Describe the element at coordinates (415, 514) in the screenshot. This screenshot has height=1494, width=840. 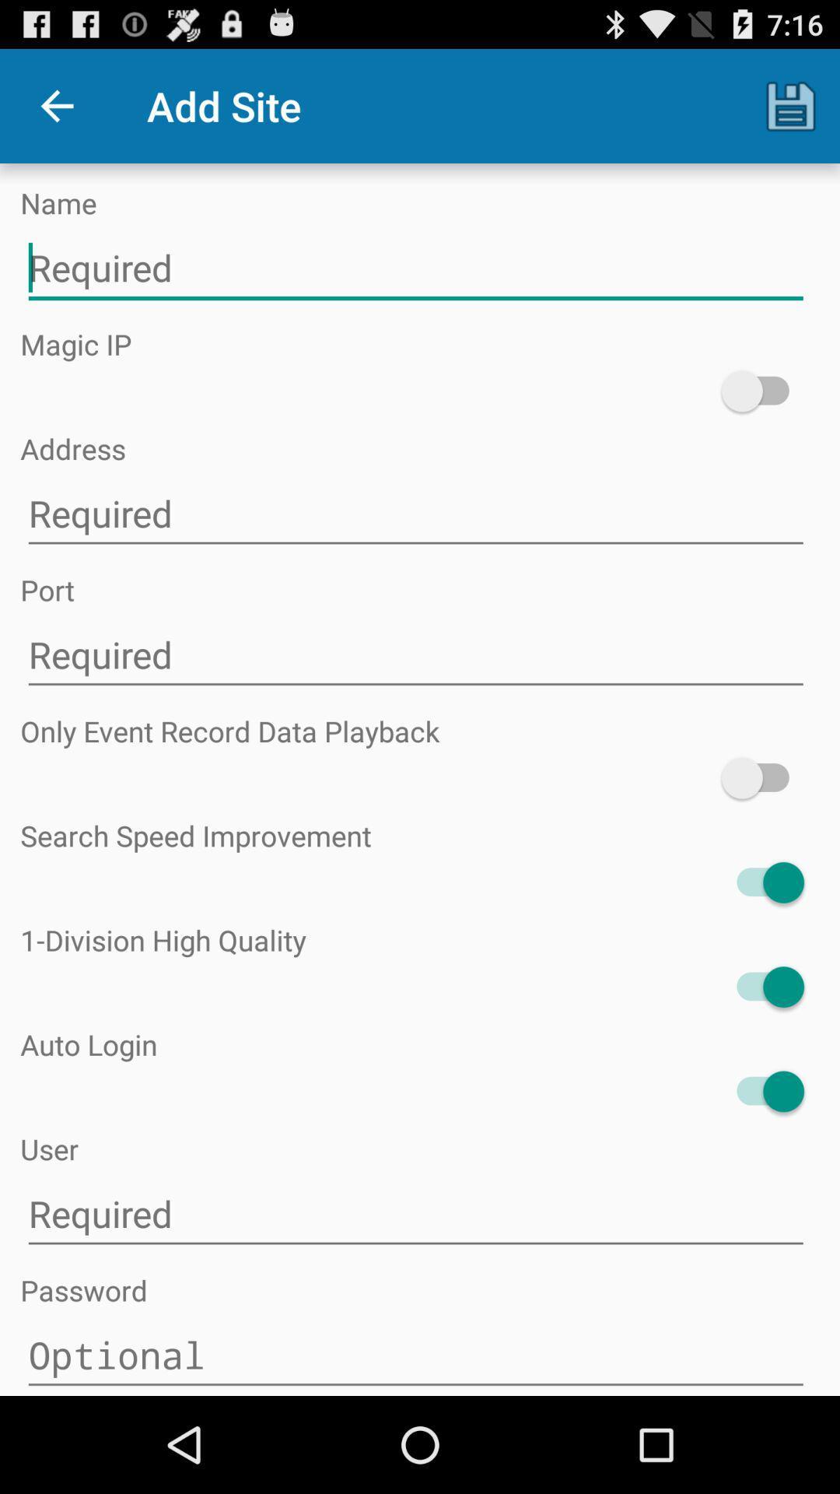
I see `required address field` at that location.